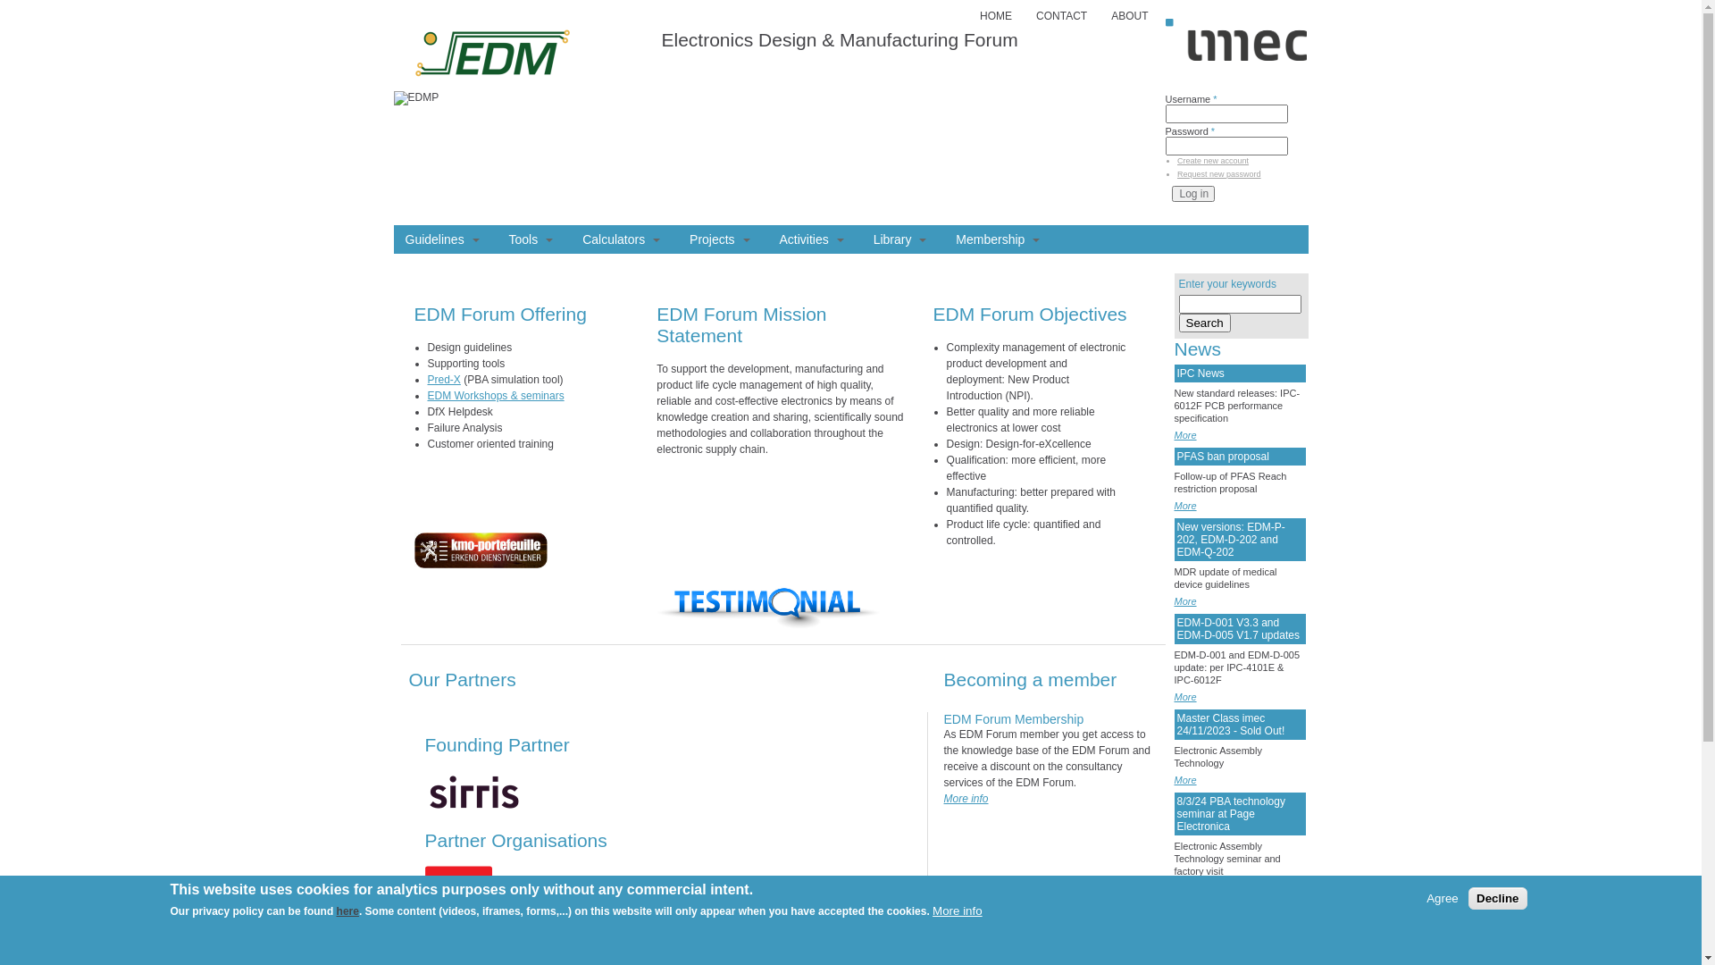 The width and height of the screenshot is (1715, 965). What do you see at coordinates (1174, 434) in the screenshot?
I see `'More'` at bounding box center [1174, 434].